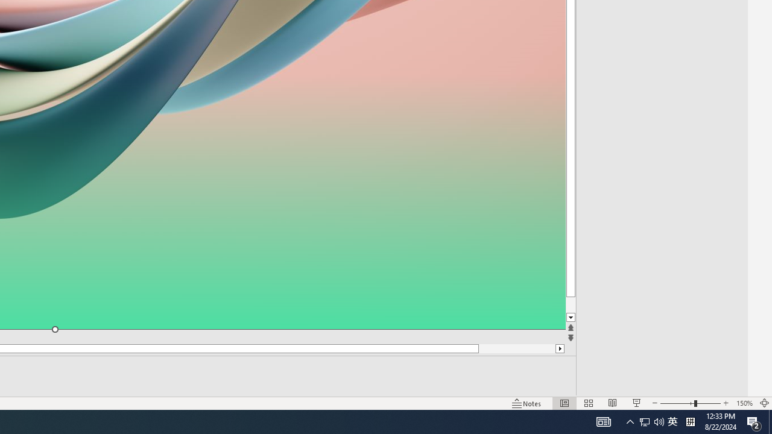 This screenshot has height=434, width=772. What do you see at coordinates (754, 421) in the screenshot?
I see `'Action Center, 2 new notifications'` at bounding box center [754, 421].